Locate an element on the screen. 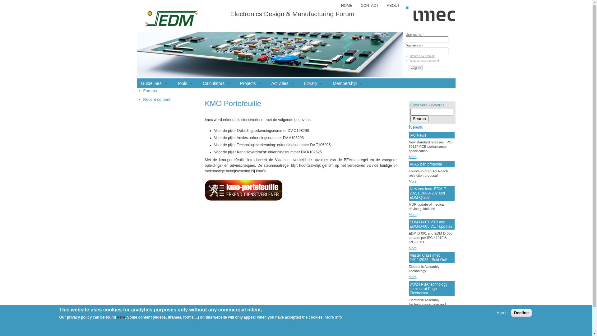 The width and height of the screenshot is (597, 336). 'ABOUT' is located at coordinates (393, 6).